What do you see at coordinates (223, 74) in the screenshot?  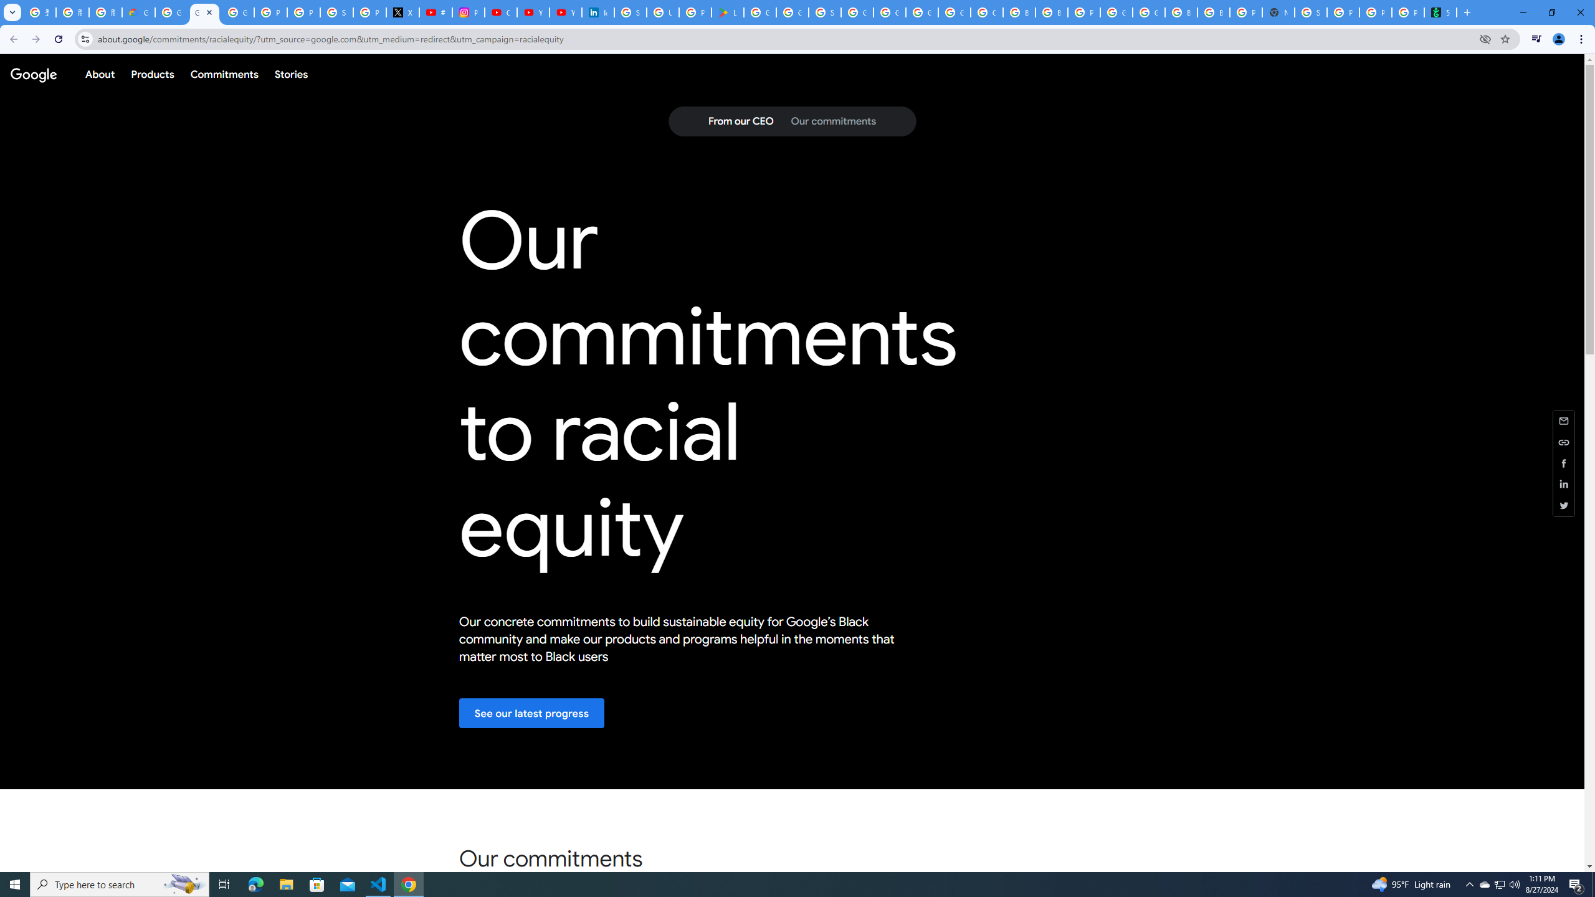 I see `'Commitments'` at bounding box center [223, 74].